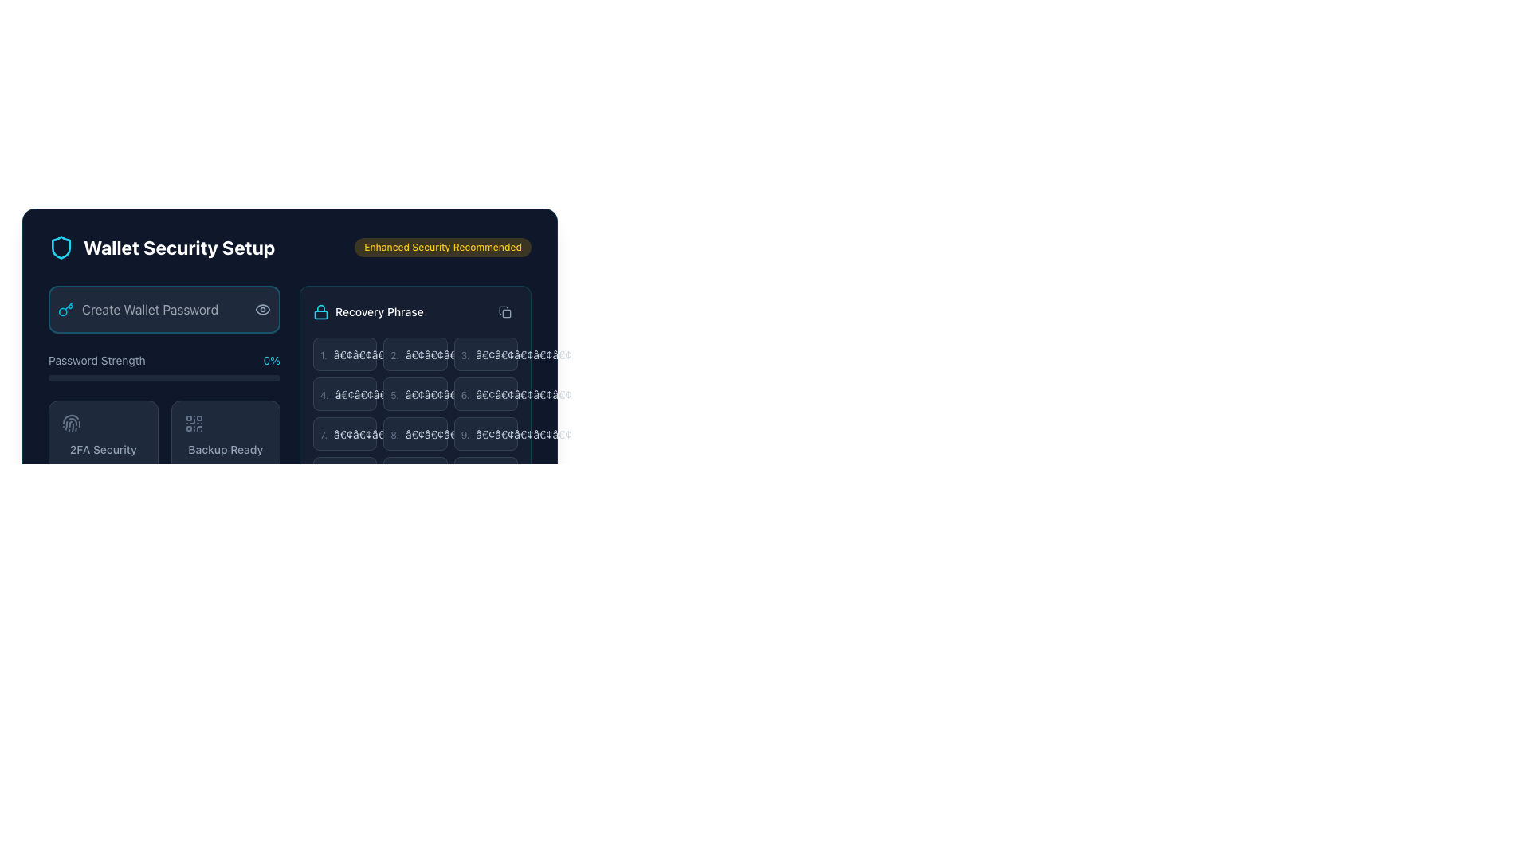 The height and width of the screenshot is (860, 1530). What do you see at coordinates (394, 354) in the screenshot?
I see `the text label displaying the numeral '2.' in light slate color, which is positioned within a card-like structure under the 'Recovery Phrase' header` at bounding box center [394, 354].